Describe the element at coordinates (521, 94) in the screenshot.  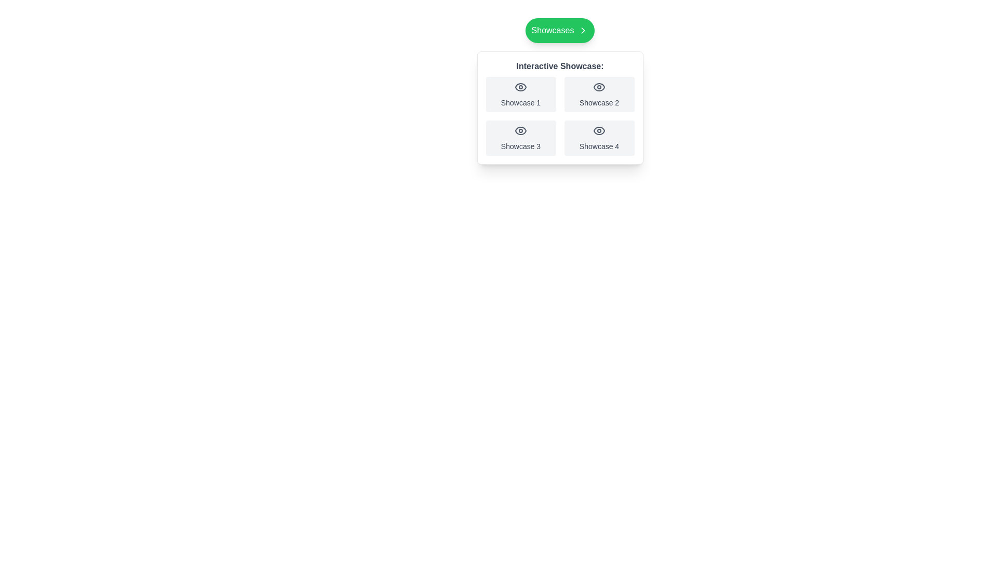
I see `the Interactive card labeled 'Showcase 1', which features an eye icon and is located in the top-left corner of a 2x2 grid layout` at that location.